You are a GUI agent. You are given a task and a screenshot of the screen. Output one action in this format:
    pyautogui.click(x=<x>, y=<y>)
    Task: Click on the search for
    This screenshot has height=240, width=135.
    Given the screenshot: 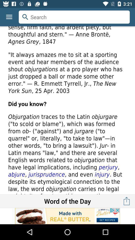 What is the action you would take?
    pyautogui.click(x=74, y=17)
    